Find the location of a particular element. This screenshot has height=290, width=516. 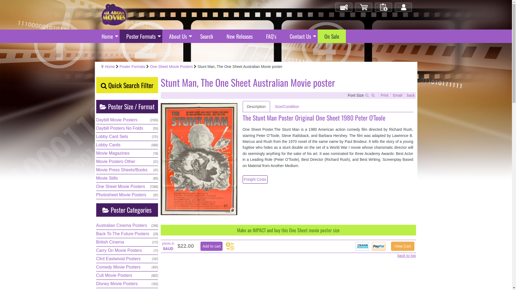

'back' is located at coordinates (411, 95).